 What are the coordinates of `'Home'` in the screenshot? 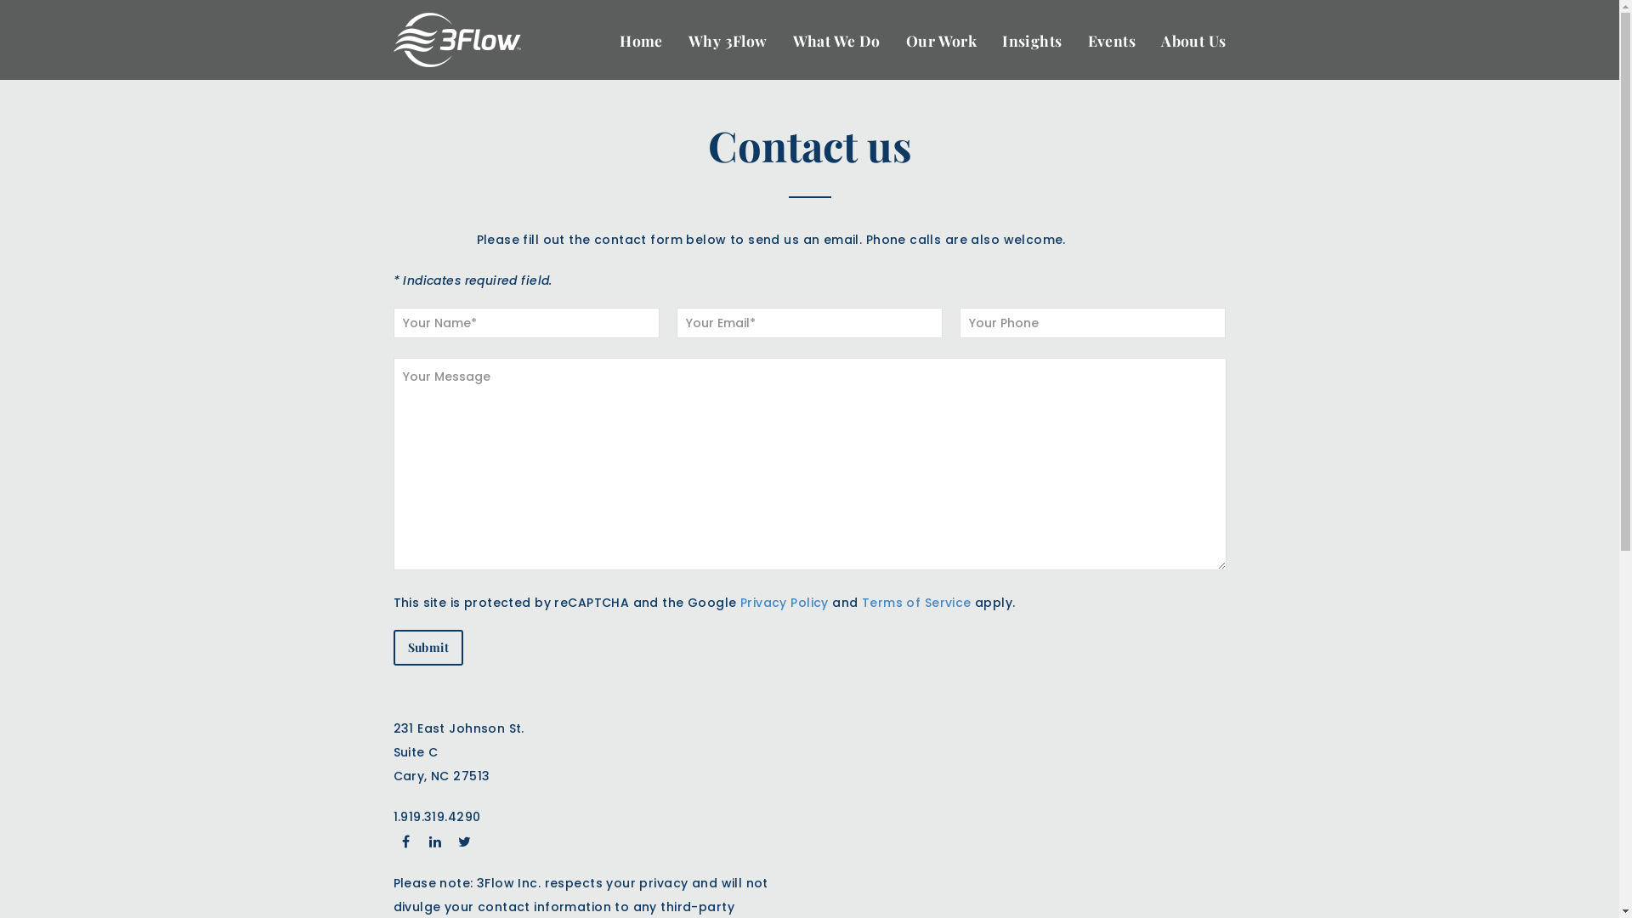 It's located at (640, 38).